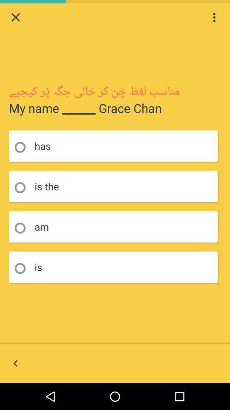 The image size is (230, 410). Describe the element at coordinates (214, 17) in the screenshot. I see `open option menu` at that location.